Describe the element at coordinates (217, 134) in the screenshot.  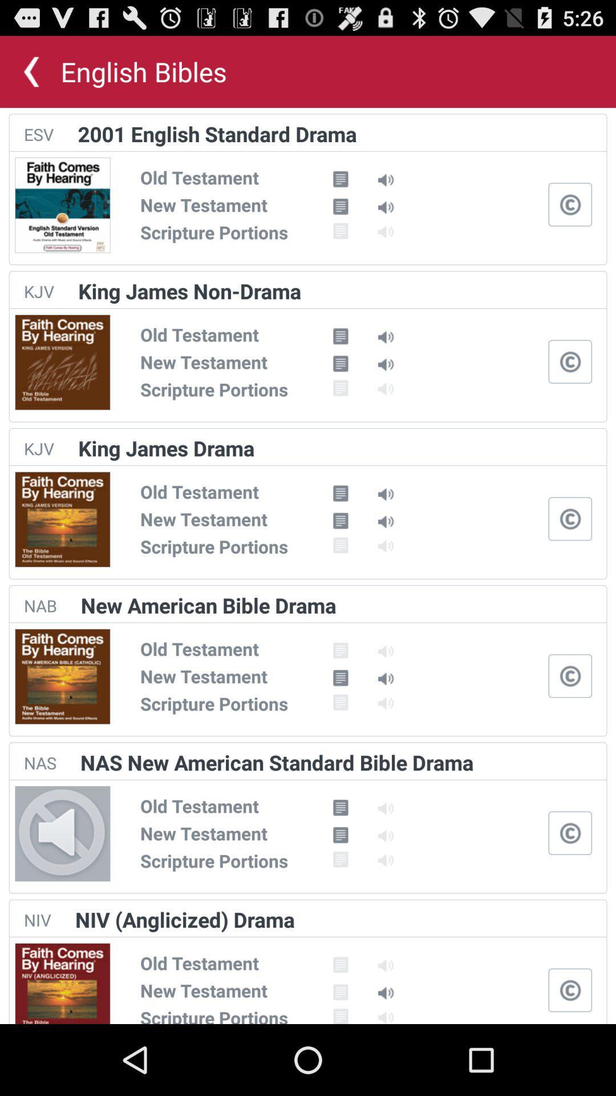
I see `2001 english standard app` at that location.